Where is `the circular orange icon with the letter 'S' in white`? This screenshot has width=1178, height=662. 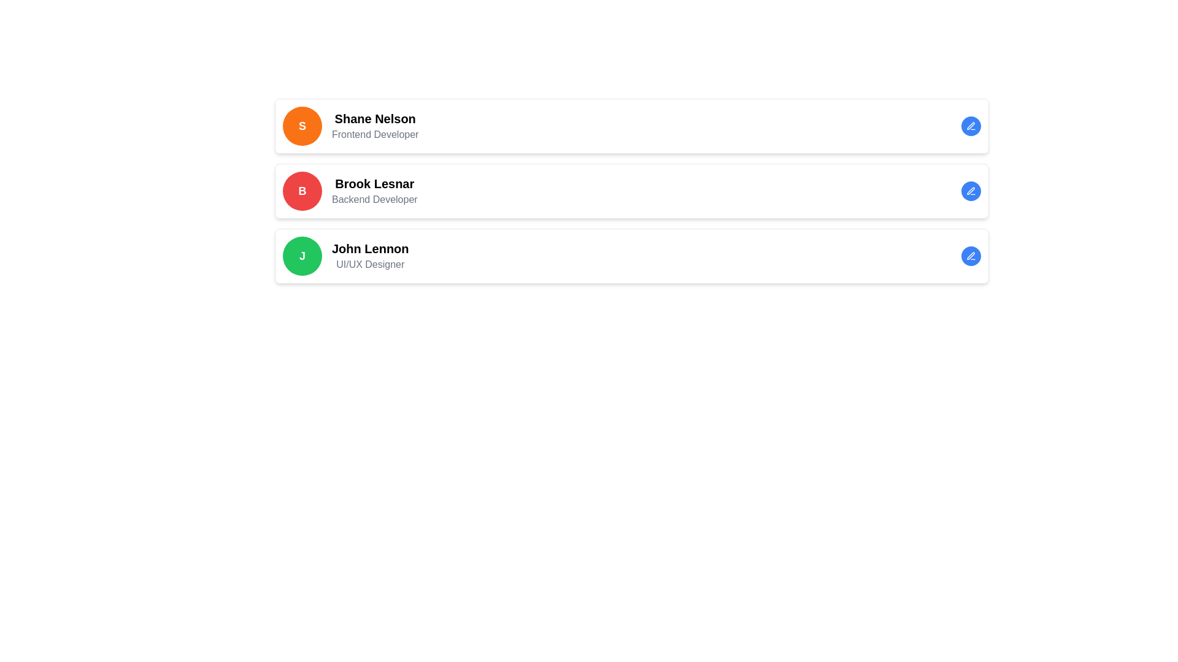
the circular orange icon with the letter 'S' in white is located at coordinates (302, 126).